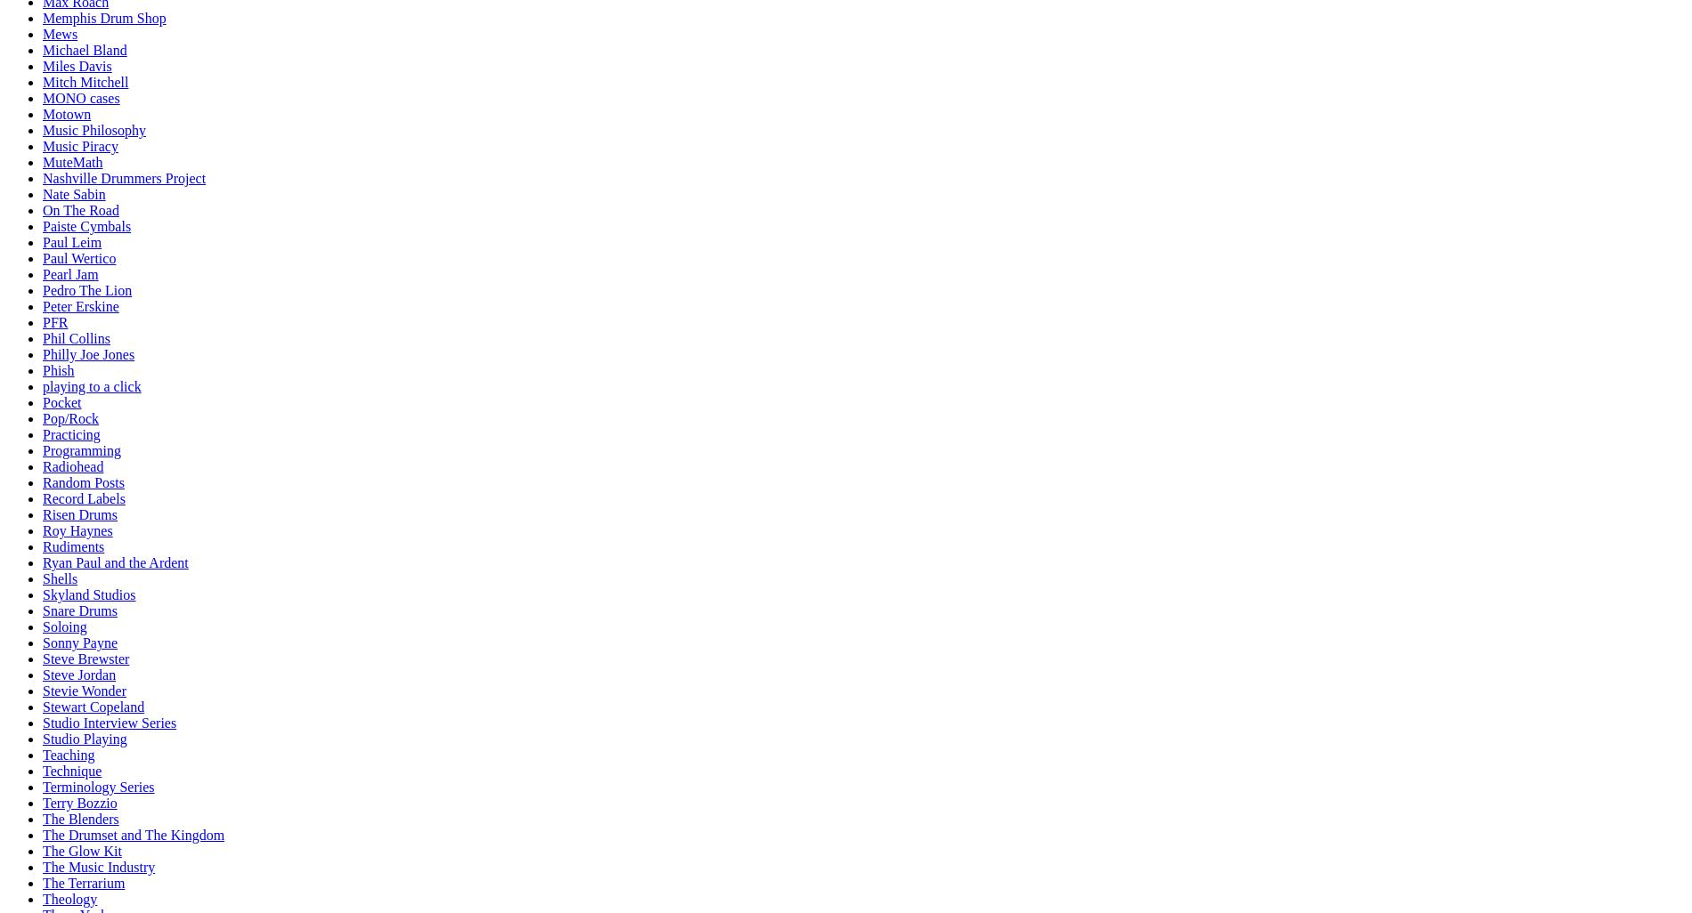 The height and width of the screenshot is (913, 1692). I want to click on 'Motown', so click(67, 114).